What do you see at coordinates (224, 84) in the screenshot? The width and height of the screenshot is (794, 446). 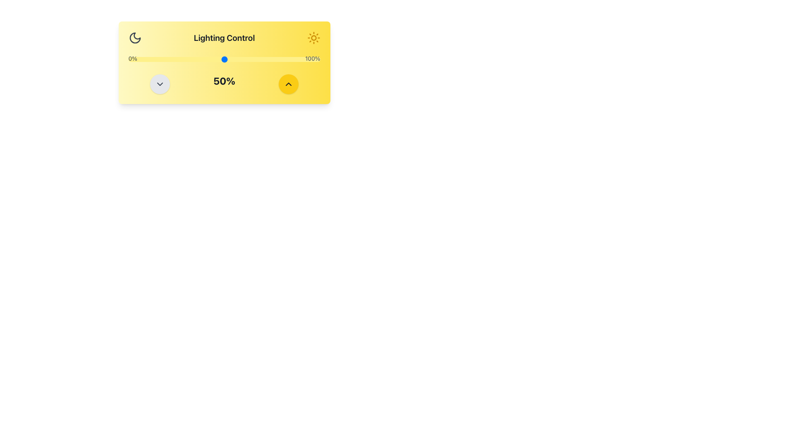 I see `the Display Text element that shows '50%' in bold, large font, centrally located between circular buttons` at bounding box center [224, 84].